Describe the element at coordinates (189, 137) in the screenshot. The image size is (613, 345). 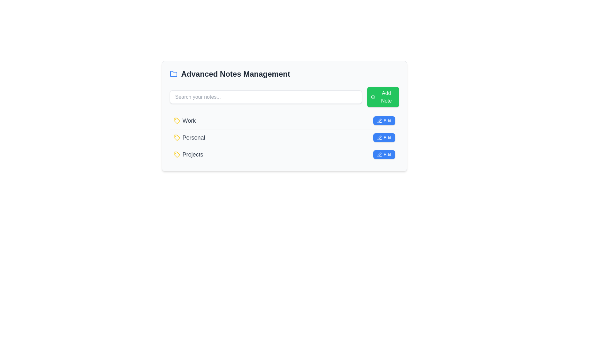
I see `the 'Personal' Text Label which is located between 'Work' and 'Projects' under the 'Advanced Notes Management' section` at that location.